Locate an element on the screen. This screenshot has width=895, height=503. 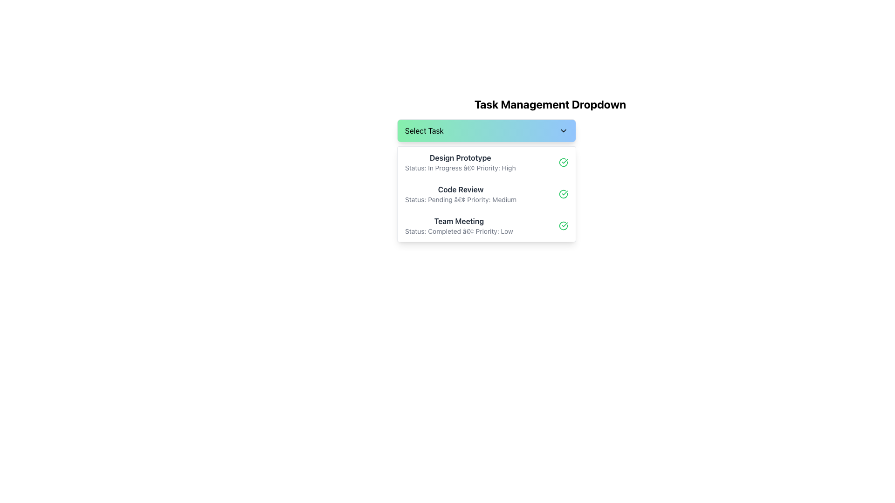
the status icon for the 'Code Review' task entry in the 'Task Management Dropdown' to check its state, which is located near the text 'Status: Pending • Priority: Medium' is located at coordinates (563, 193).